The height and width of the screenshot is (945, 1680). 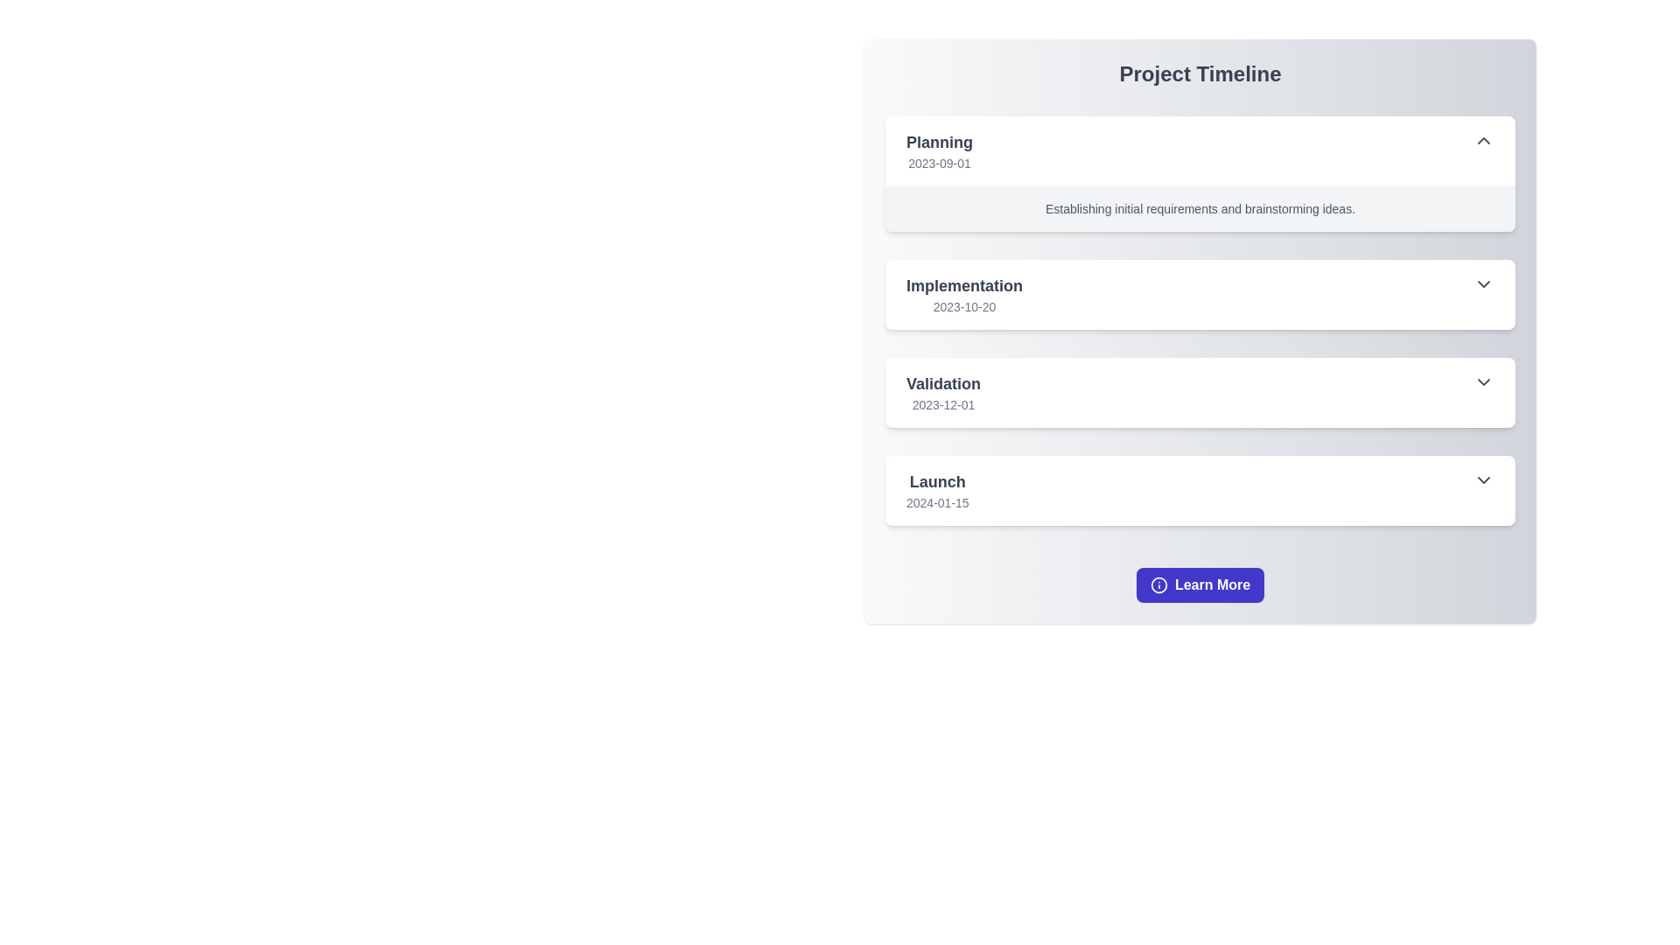 What do you see at coordinates (1200, 584) in the screenshot?
I see `the centrally positioned call-to-action button located near the bottom of the interface to change its style` at bounding box center [1200, 584].